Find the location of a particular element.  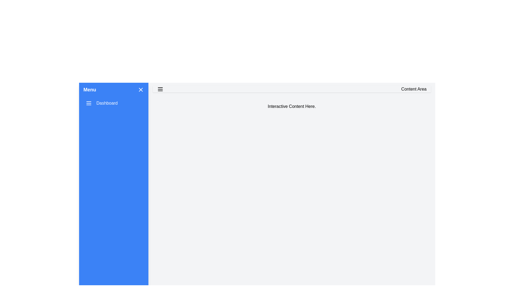

the 'Dashboard' link in the sidebar is located at coordinates (101, 103).